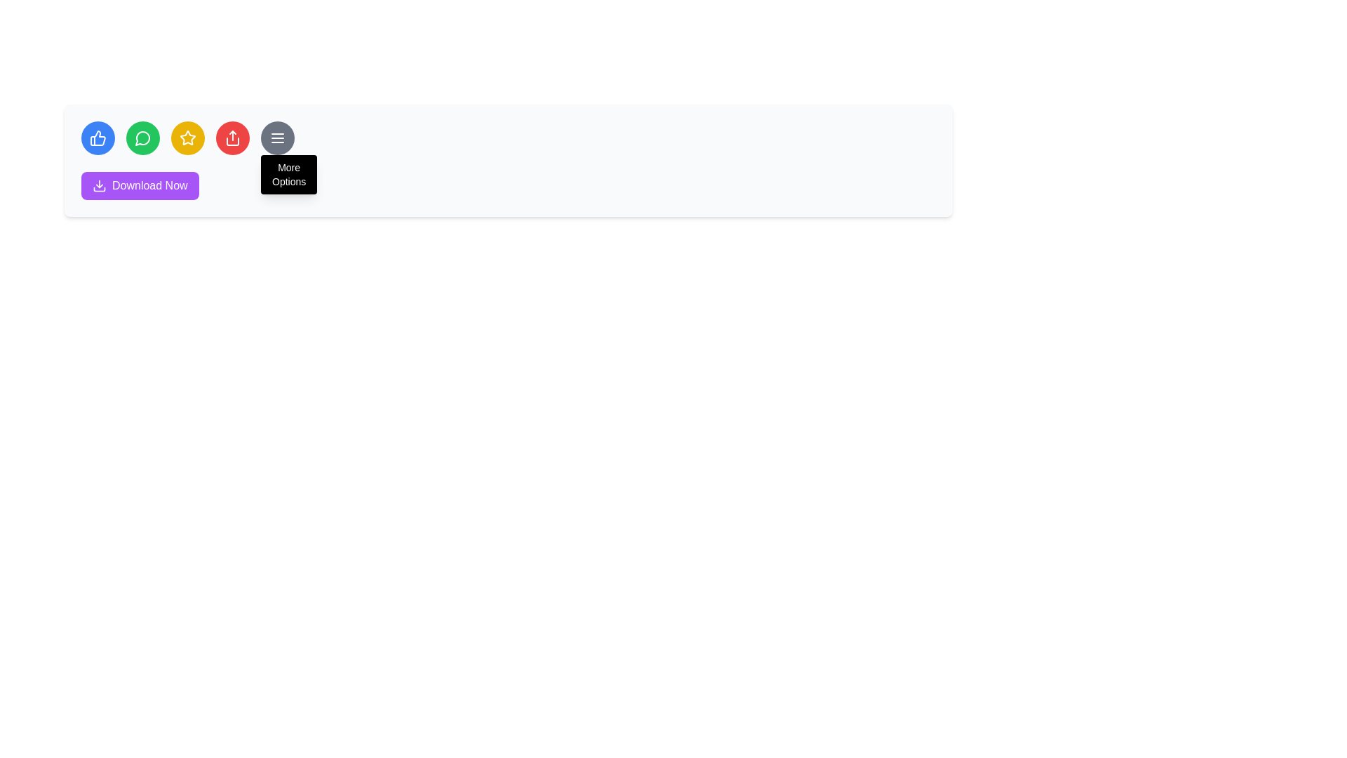 The width and height of the screenshot is (1347, 758). I want to click on the second icon from the left, which represents the messaging or commenting function, to initiate or open the message or comment box, so click(142, 138).